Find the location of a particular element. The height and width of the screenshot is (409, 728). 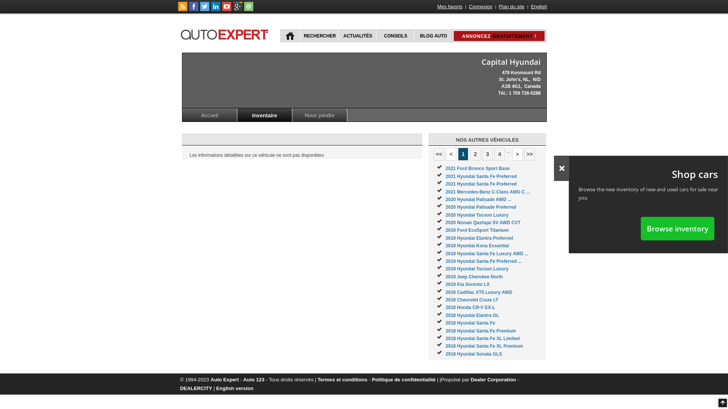

'>' is located at coordinates (517, 154).